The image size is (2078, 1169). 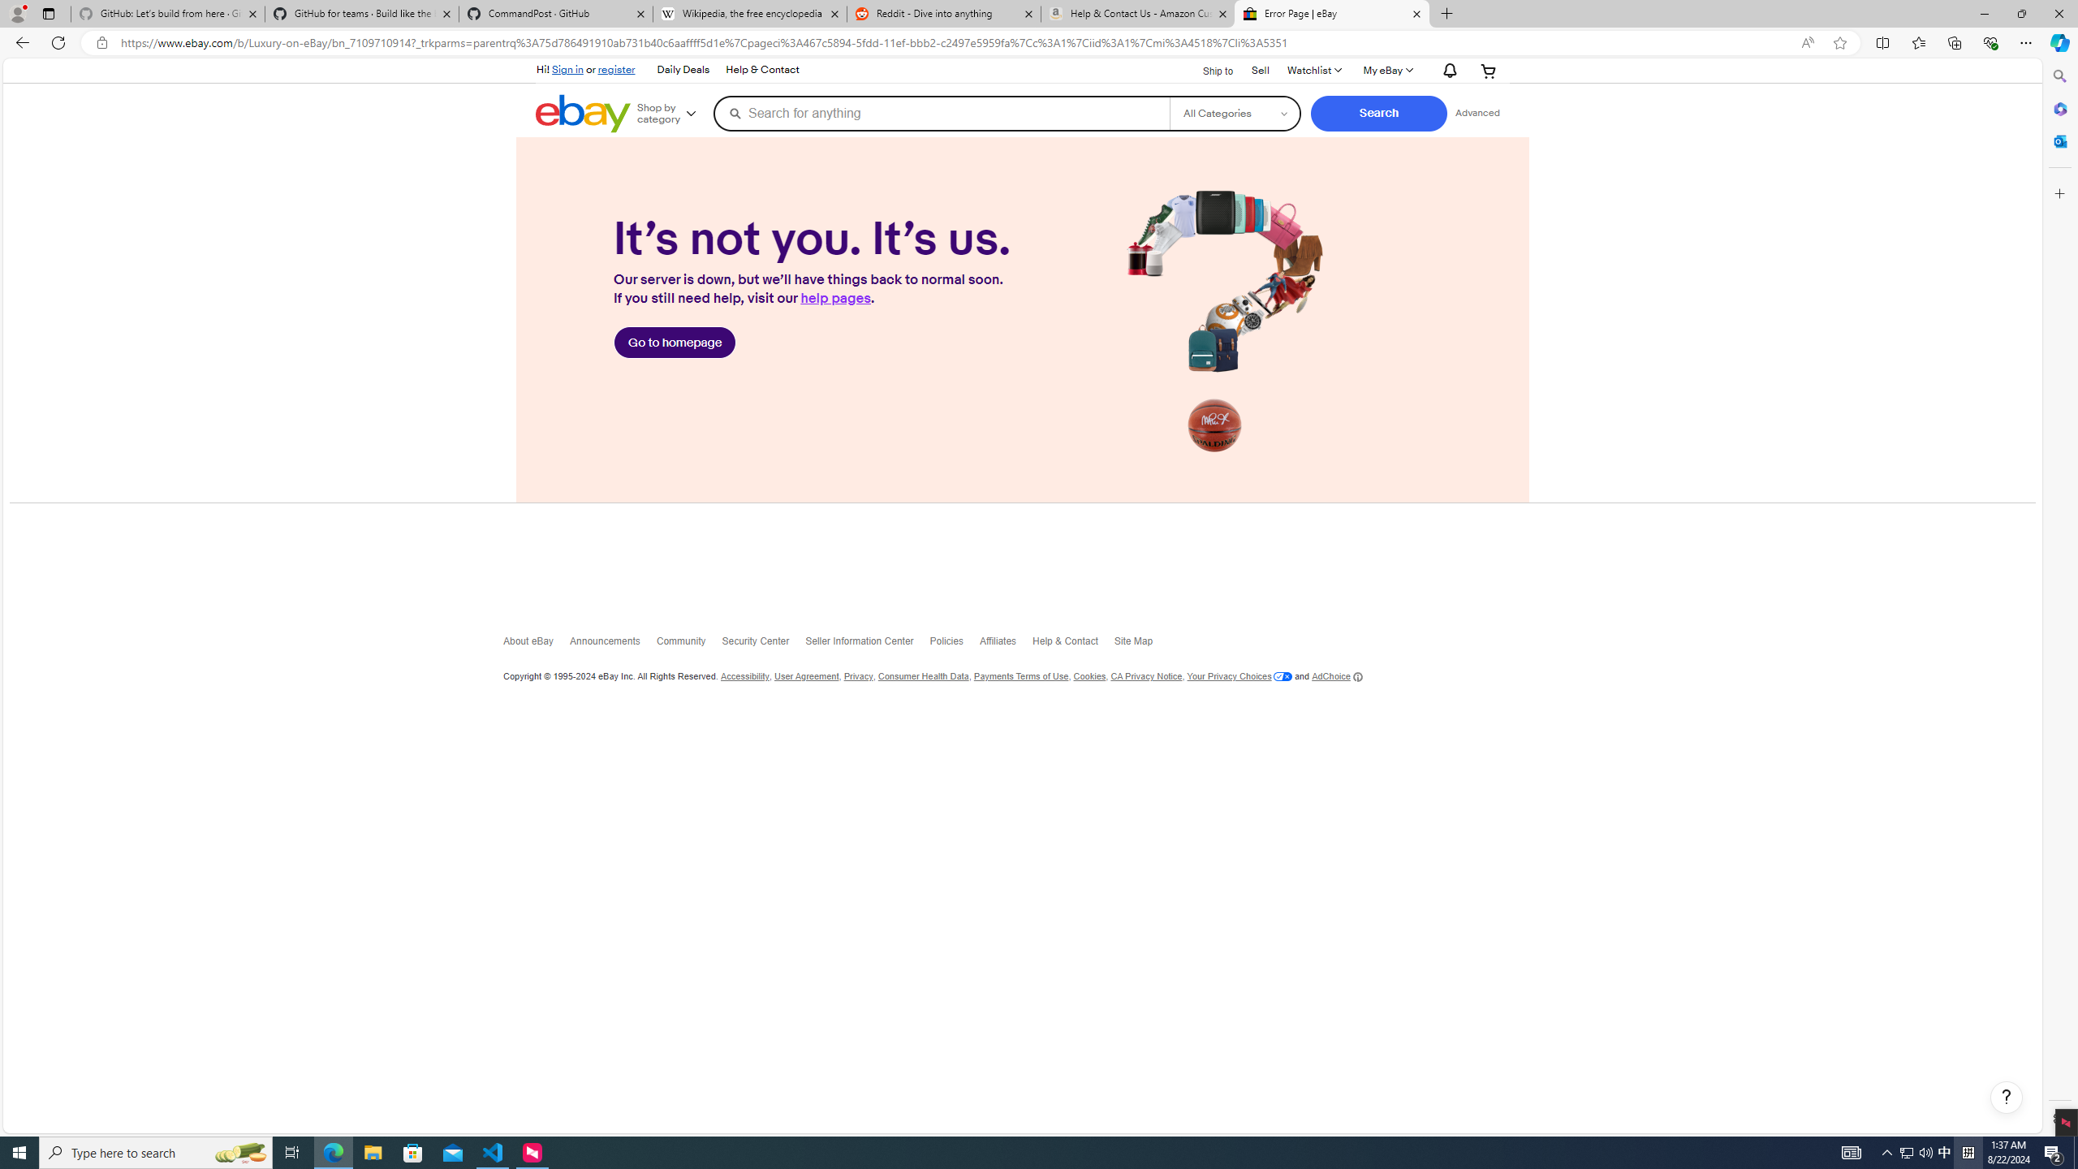 What do you see at coordinates (1006, 644) in the screenshot?
I see `'Affiliates'` at bounding box center [1006, 644].